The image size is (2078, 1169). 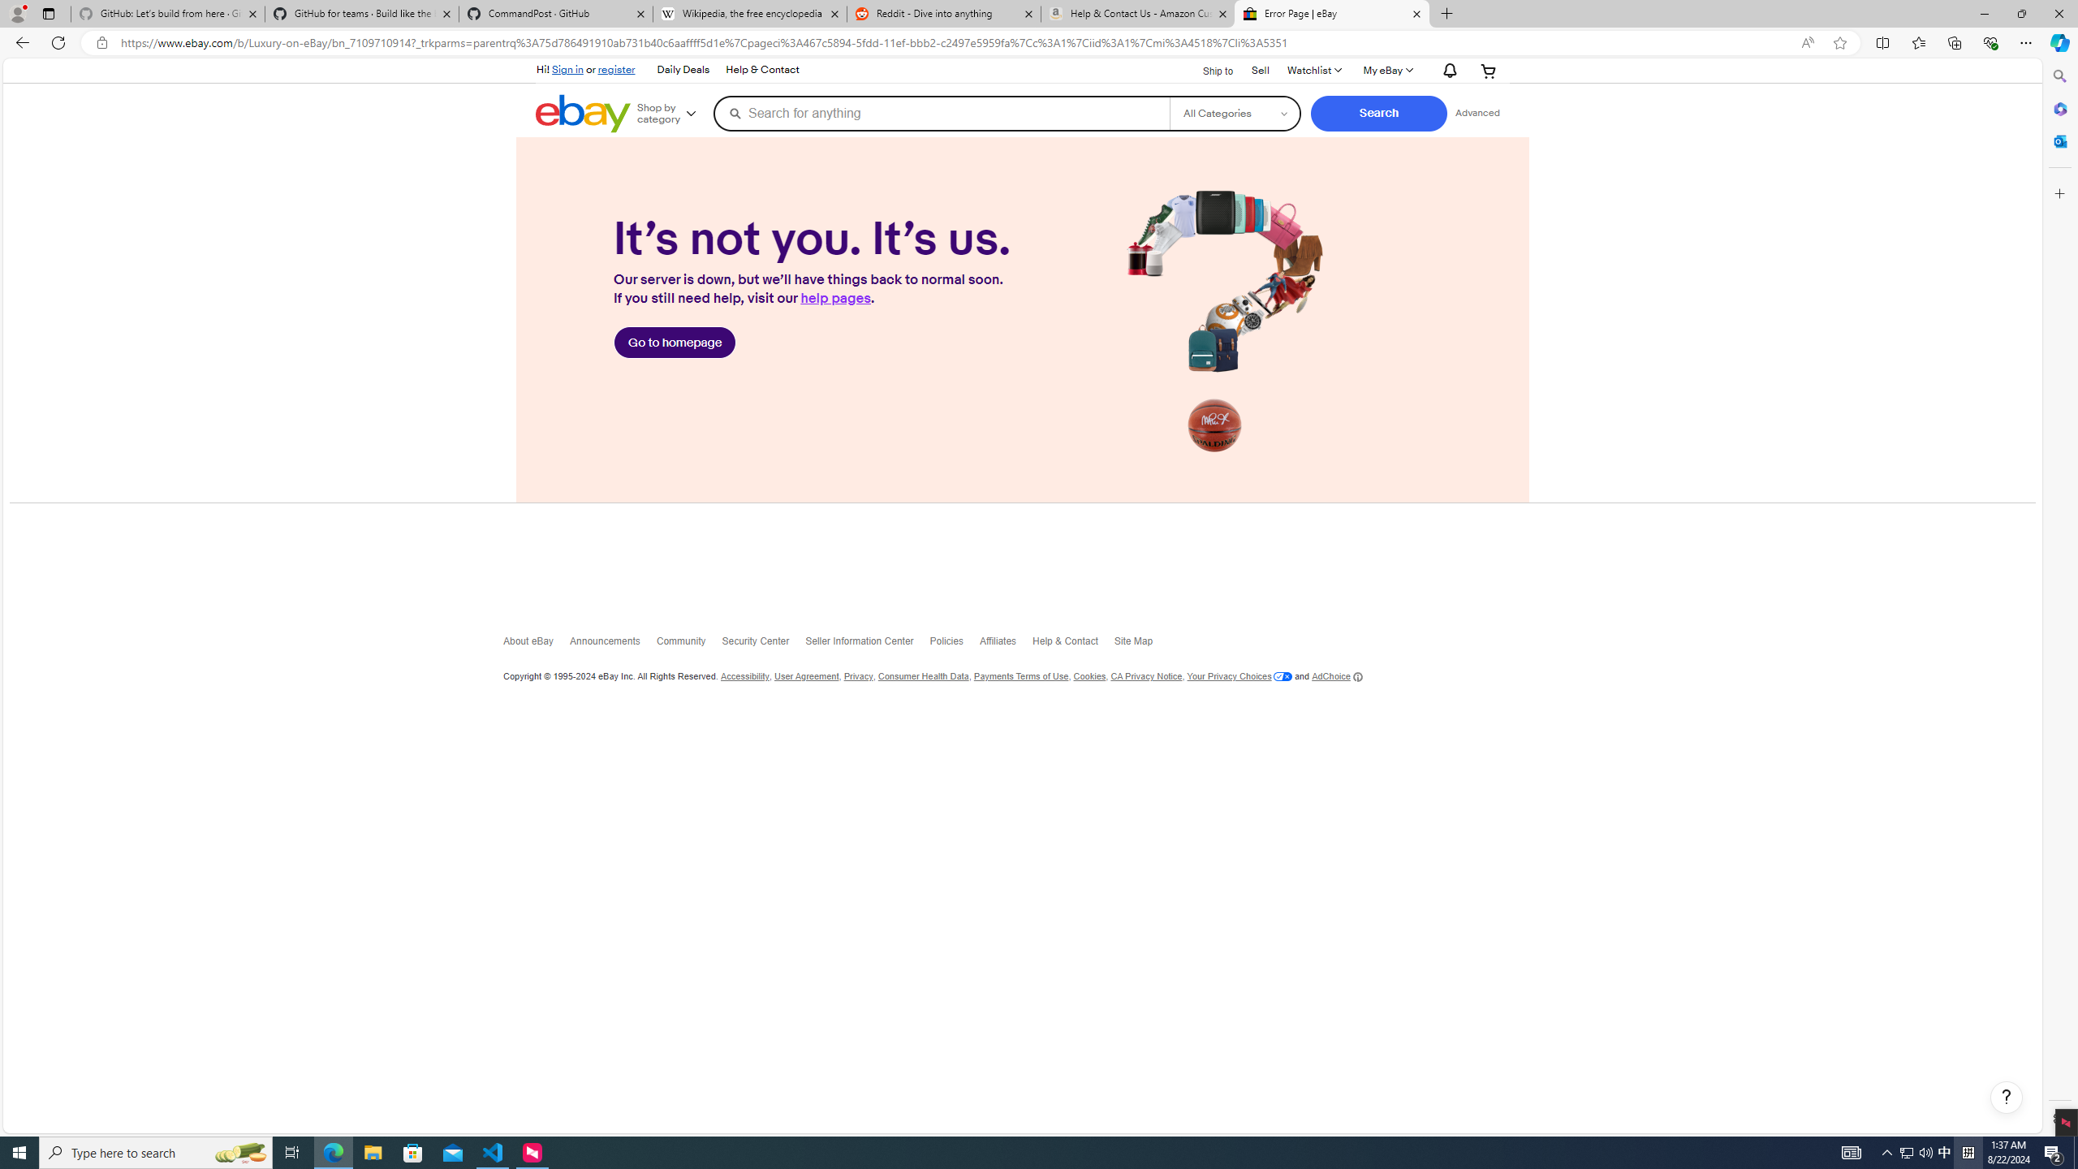 What do you see at coordinates (1006, 644) in the screenshot?
I see `'Affiliates'` at bounding box center [1006, 644].